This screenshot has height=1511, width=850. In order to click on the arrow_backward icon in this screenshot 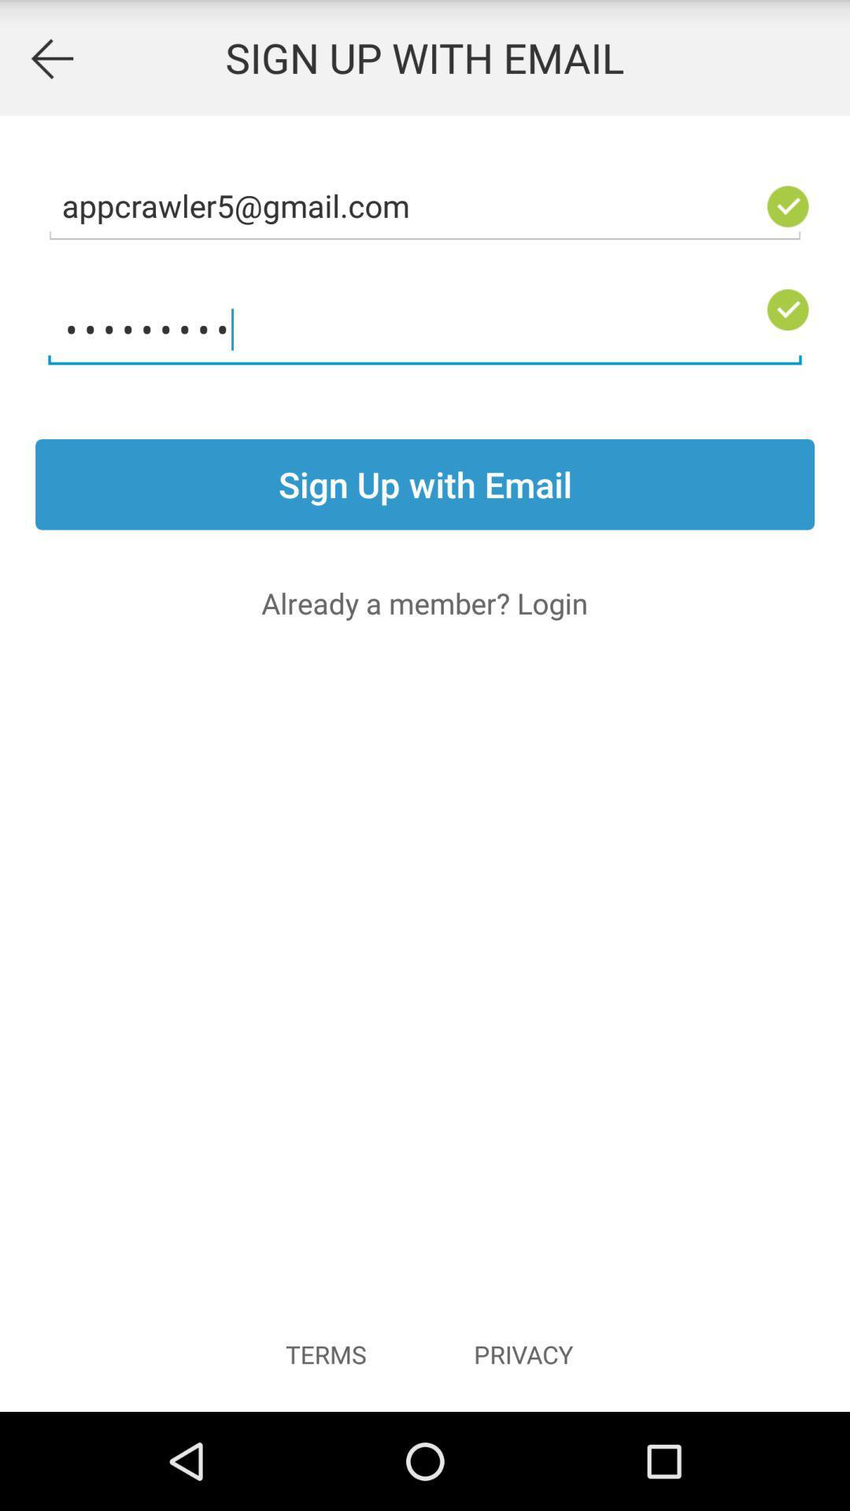, I will do `click(50, 61)`.